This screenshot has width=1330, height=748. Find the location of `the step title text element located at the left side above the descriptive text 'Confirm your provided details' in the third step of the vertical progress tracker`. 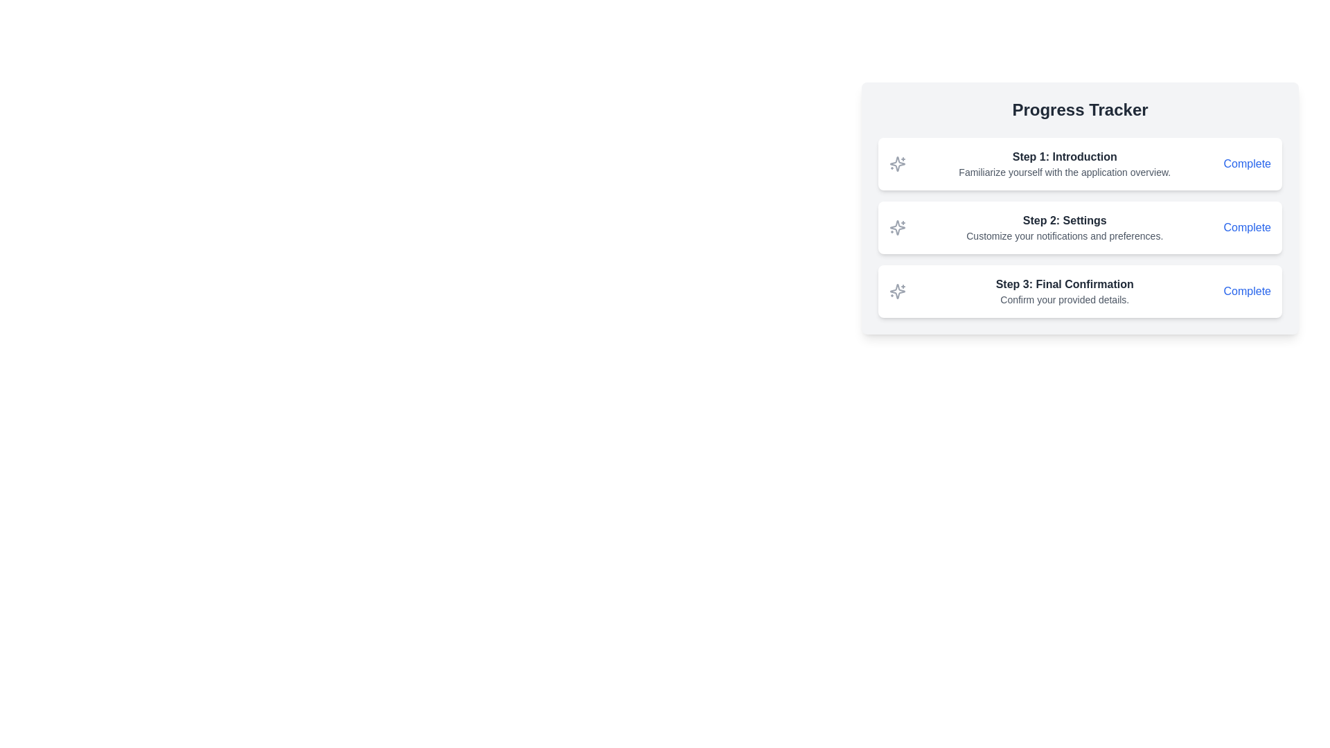

the step title text element located at the left side above the descriptive text 'Confirm your provided details' in the third step of the vertical progress tracker is located at coordinates (1064, 284).